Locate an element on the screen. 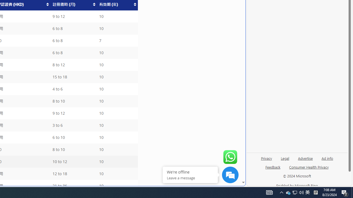  'Advertise' is located at coordinates (305, 158).